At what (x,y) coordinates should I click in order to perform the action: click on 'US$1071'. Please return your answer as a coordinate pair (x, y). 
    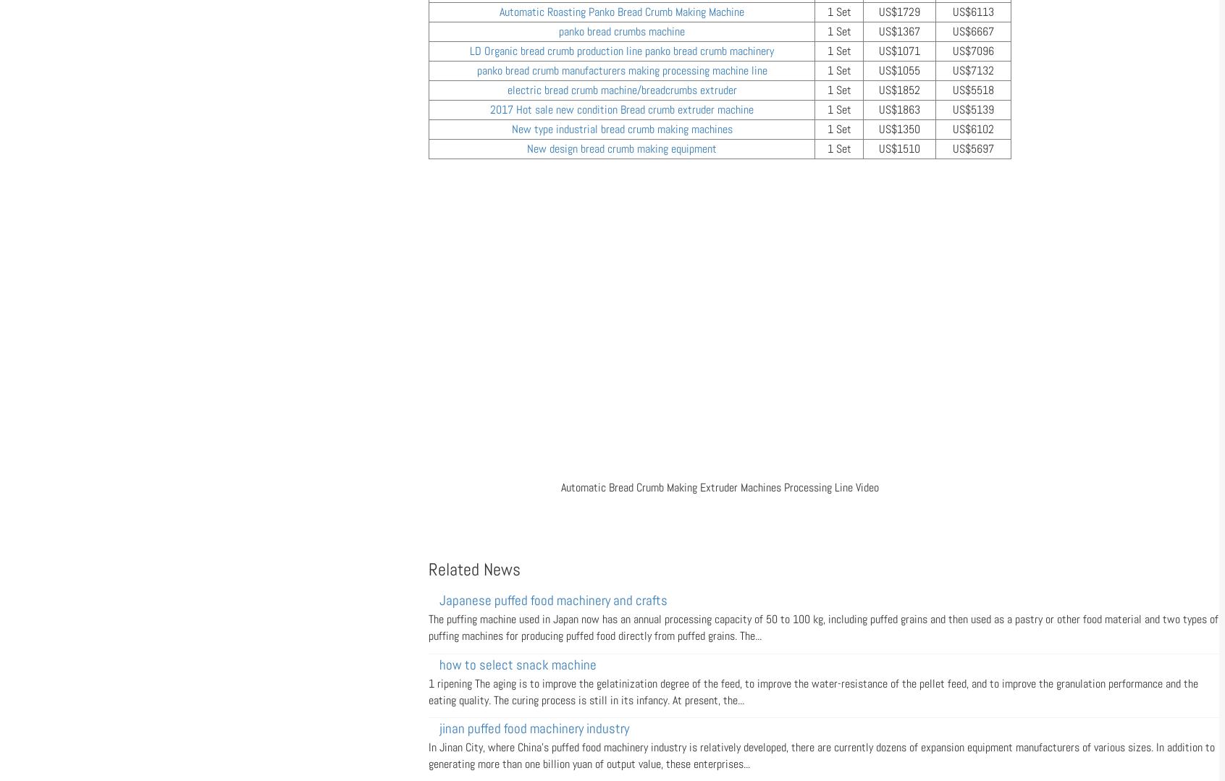
    Looking at the image, I should click on (899, 50).